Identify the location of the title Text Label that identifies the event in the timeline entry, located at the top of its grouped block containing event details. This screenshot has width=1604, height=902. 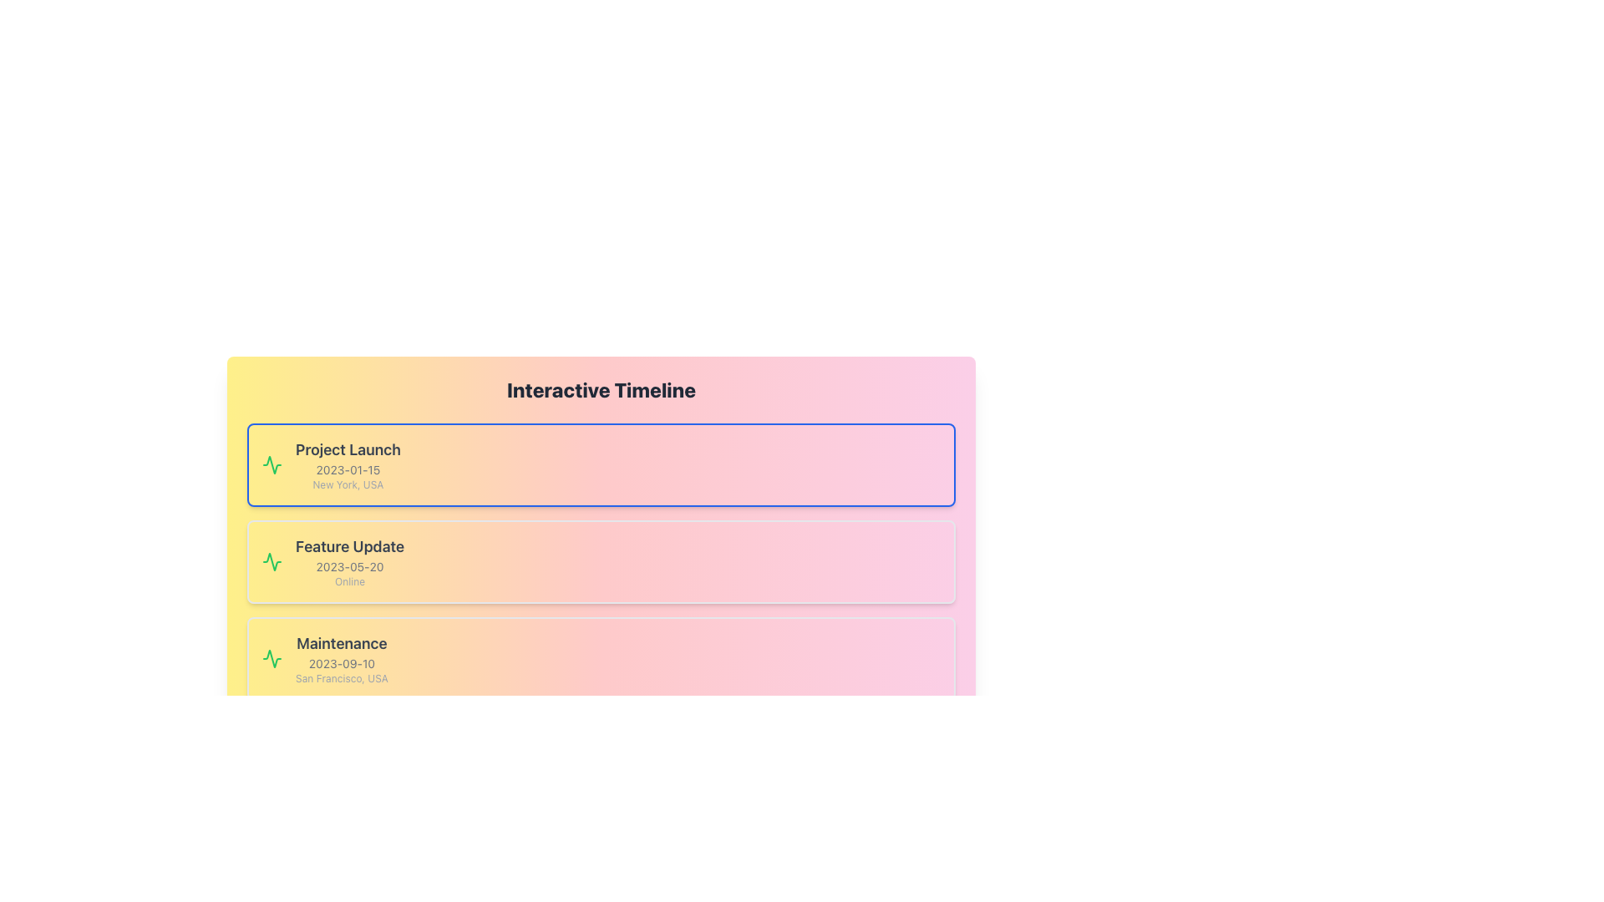
(348, 449).